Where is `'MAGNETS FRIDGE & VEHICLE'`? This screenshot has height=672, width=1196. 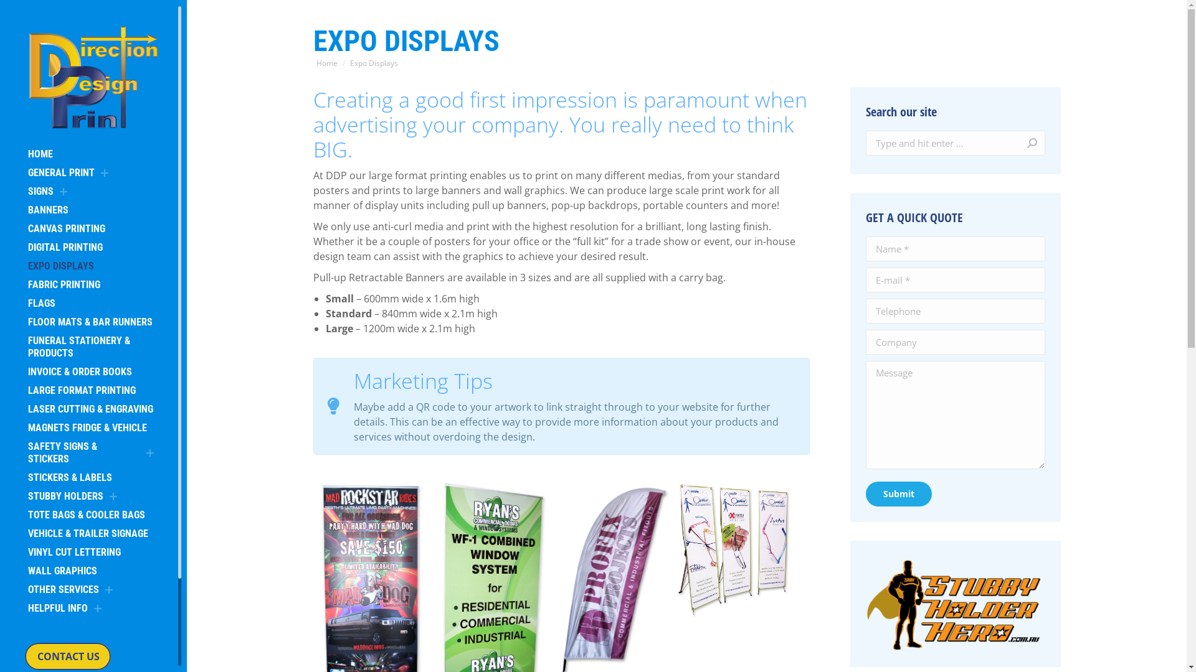
'MAGNETS FRIDGE & VEHICLE' is located at coordinates (87, 427).